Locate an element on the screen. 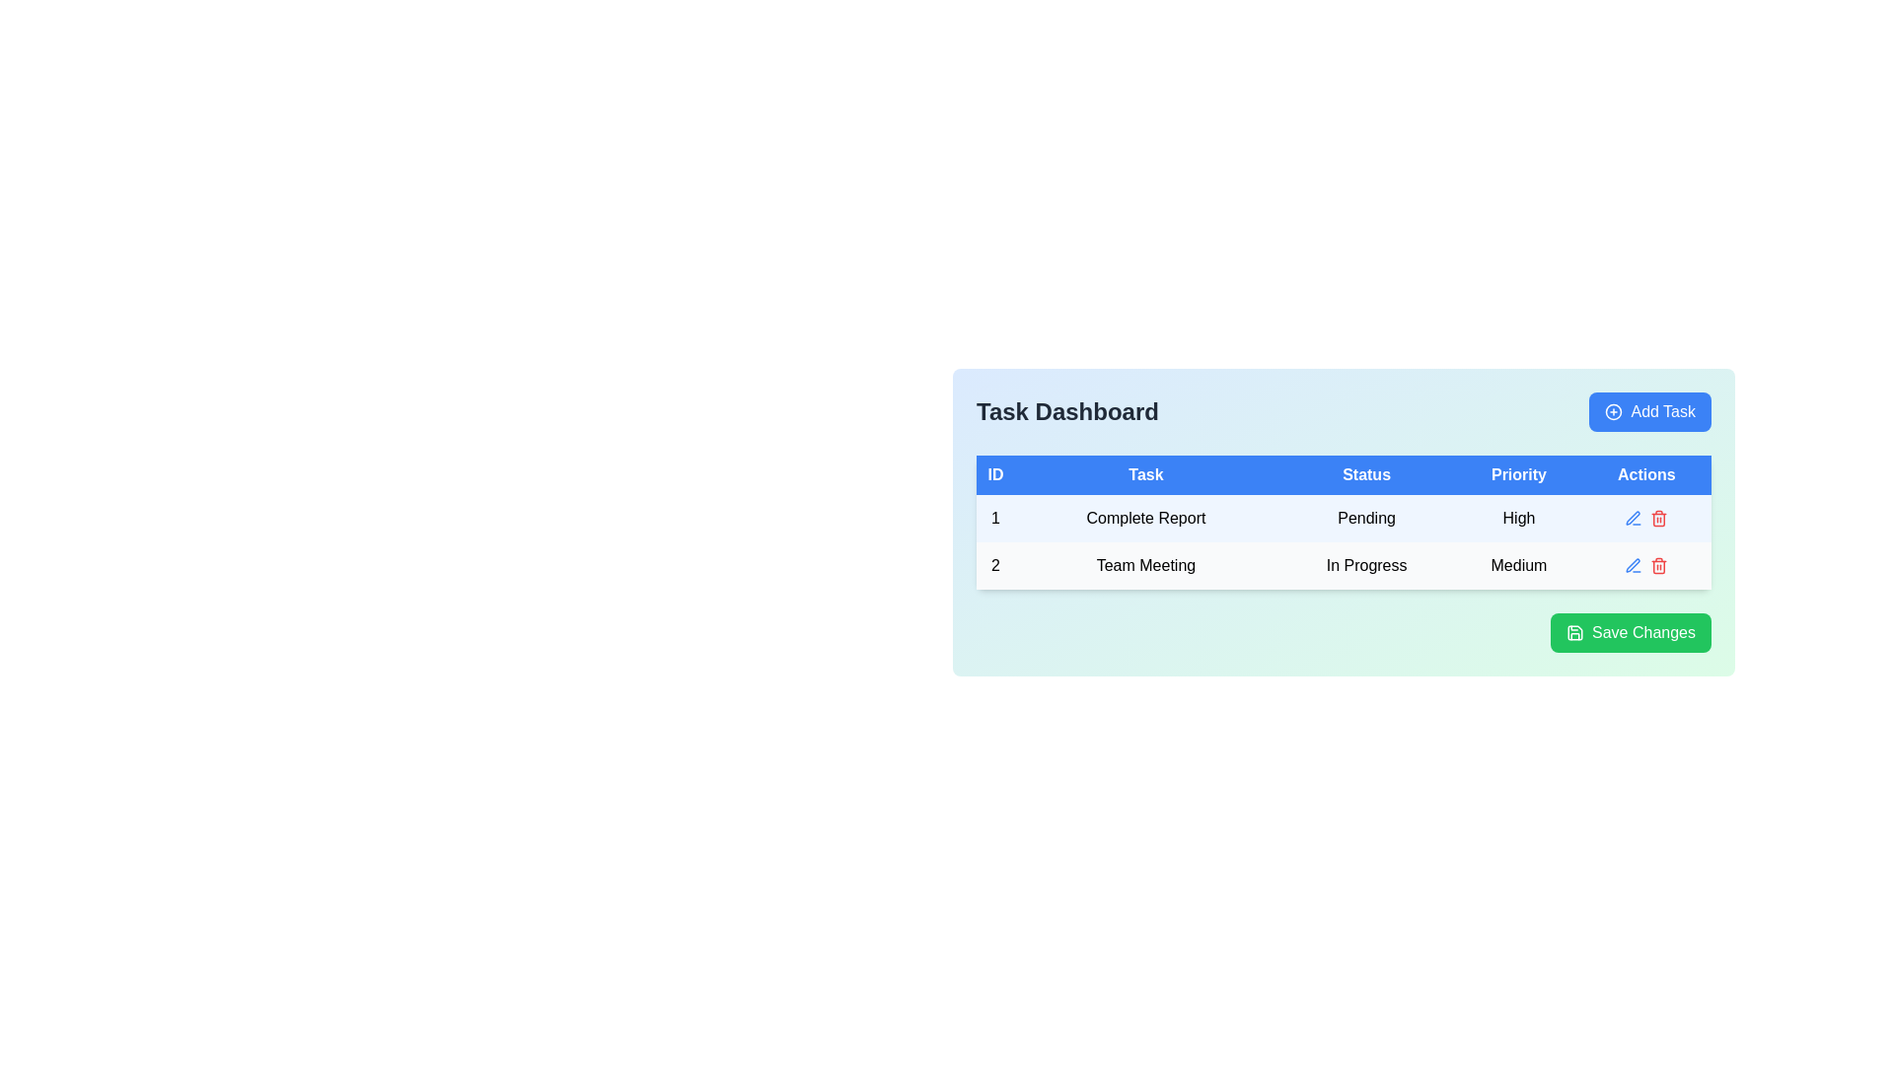 This screenshot has height=1065, width=1894. the text label 'High' which is bold and centered in the Priority column of the first row of the table, following the 'Pending' status cell is located at coordinates (1518, 517).